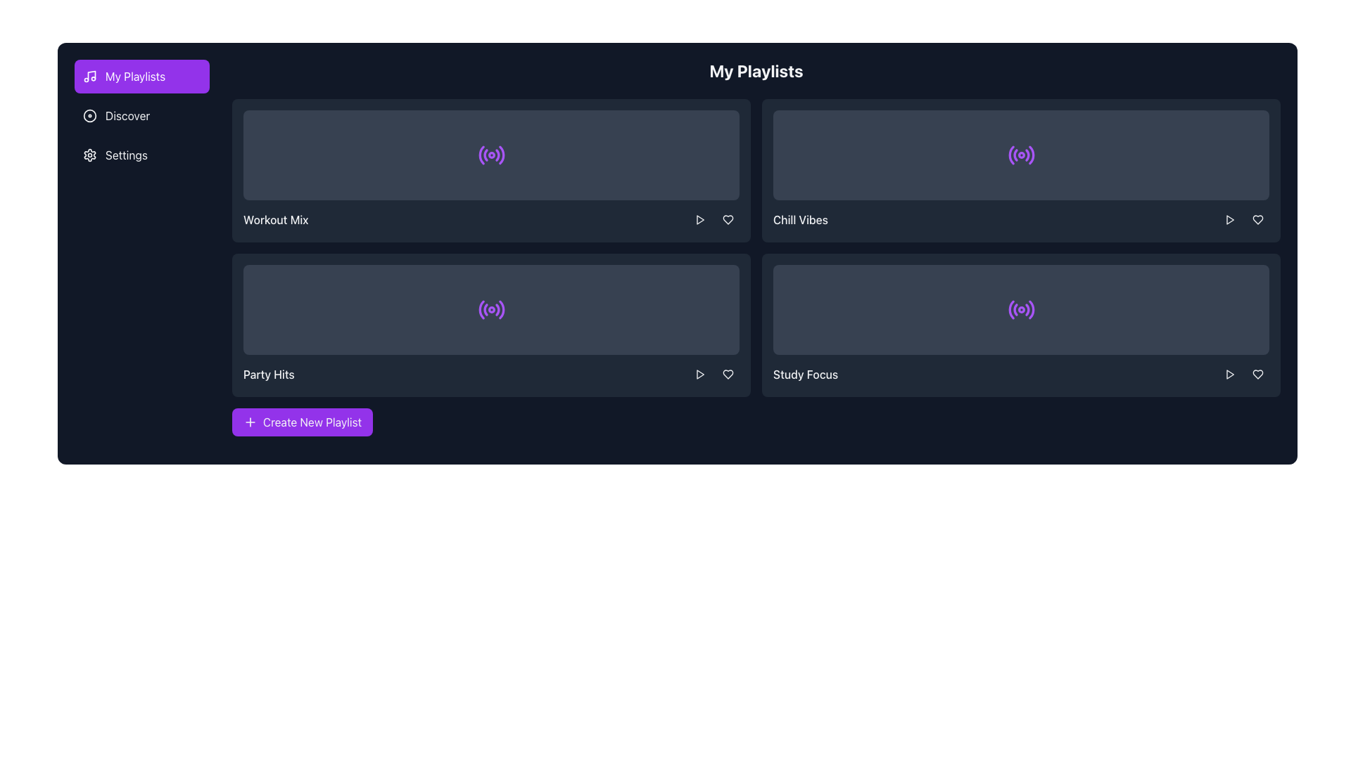  What do you see at coordinates (699, 219) in the screenshot?
I see `the triangular-shaped play icon, outlined with a light-colored stroke, located in the top-right corner of the 'Workout Mix' playlist card in the 'My Playlists' section to play the playlist` at bounding box center [699, 219].